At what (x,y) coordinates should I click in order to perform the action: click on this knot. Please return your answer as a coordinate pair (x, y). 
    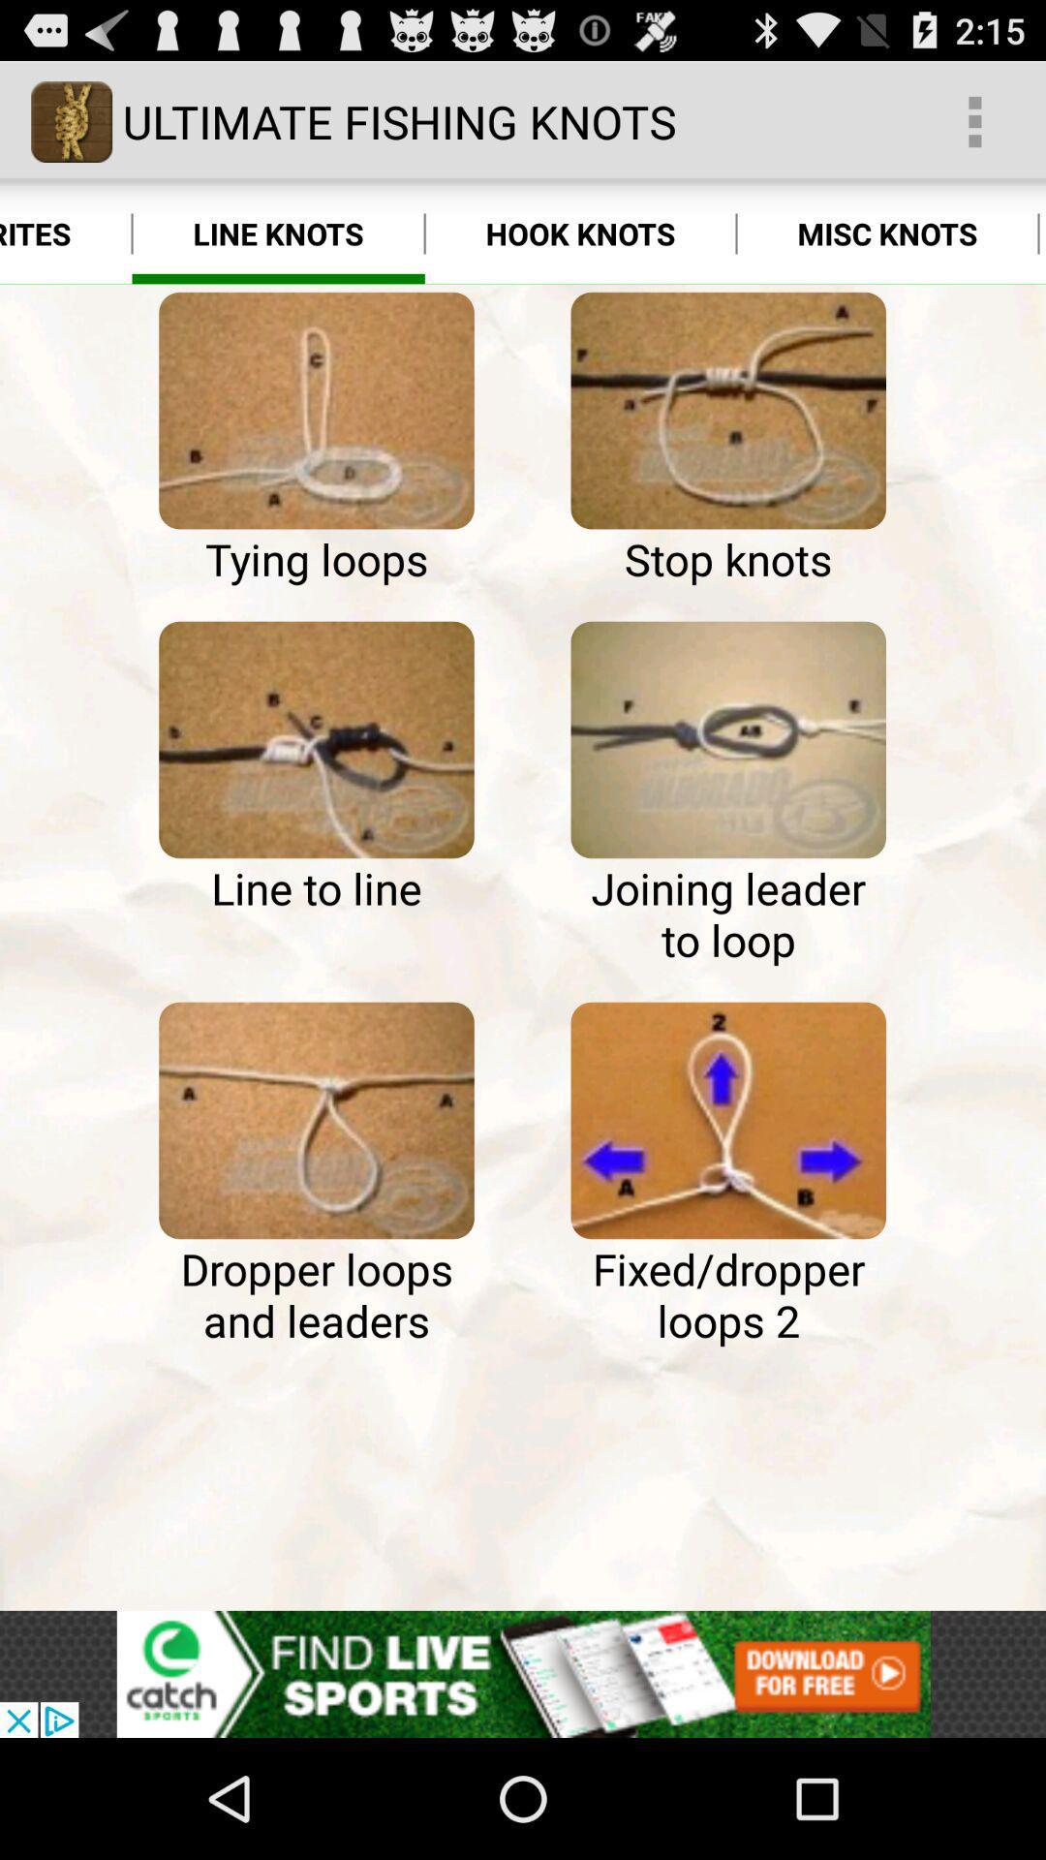
    Looking at the image, I should click on (728, 1120).